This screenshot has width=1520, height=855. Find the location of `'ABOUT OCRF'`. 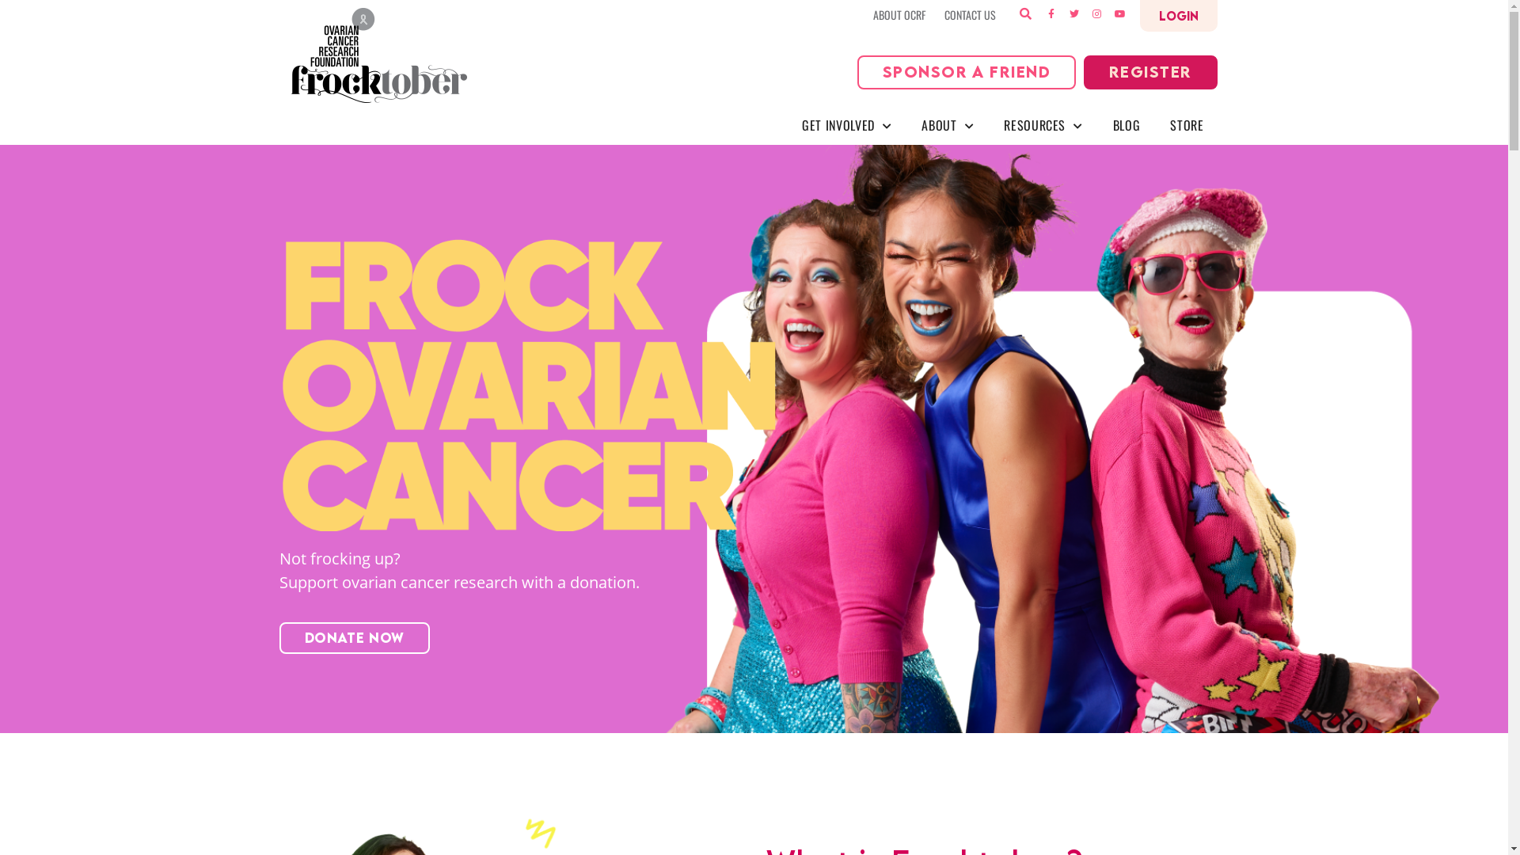

'ABOUT OCRF' is located at coordinates (872, 15).